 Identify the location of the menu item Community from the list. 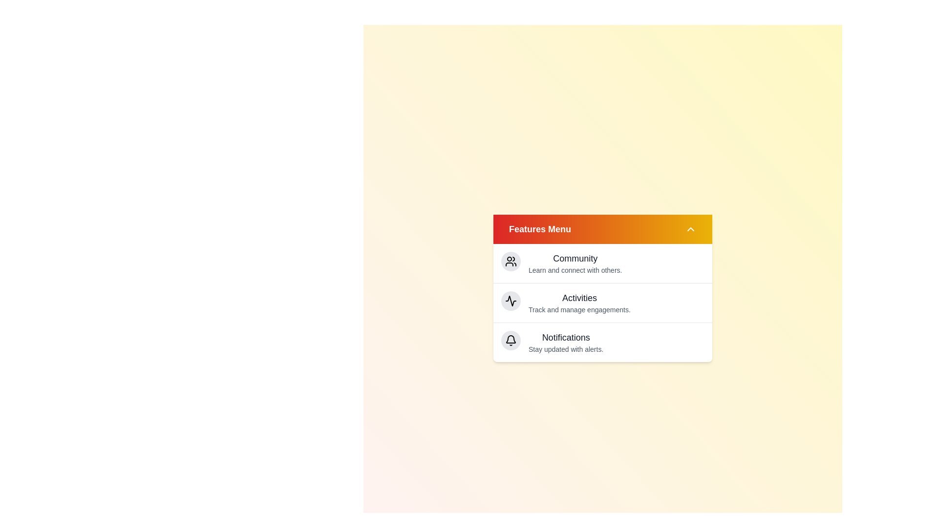
(575, 258).